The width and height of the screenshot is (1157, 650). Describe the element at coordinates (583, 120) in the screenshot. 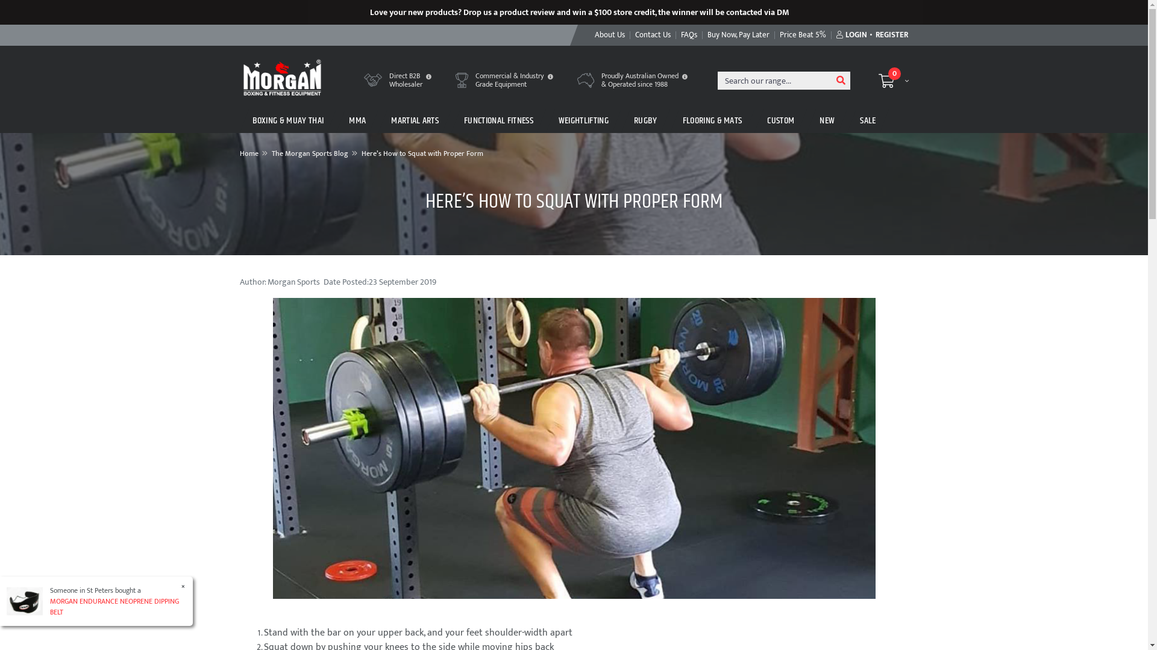

I see `'WEIGHTLIFTING'` at that location.